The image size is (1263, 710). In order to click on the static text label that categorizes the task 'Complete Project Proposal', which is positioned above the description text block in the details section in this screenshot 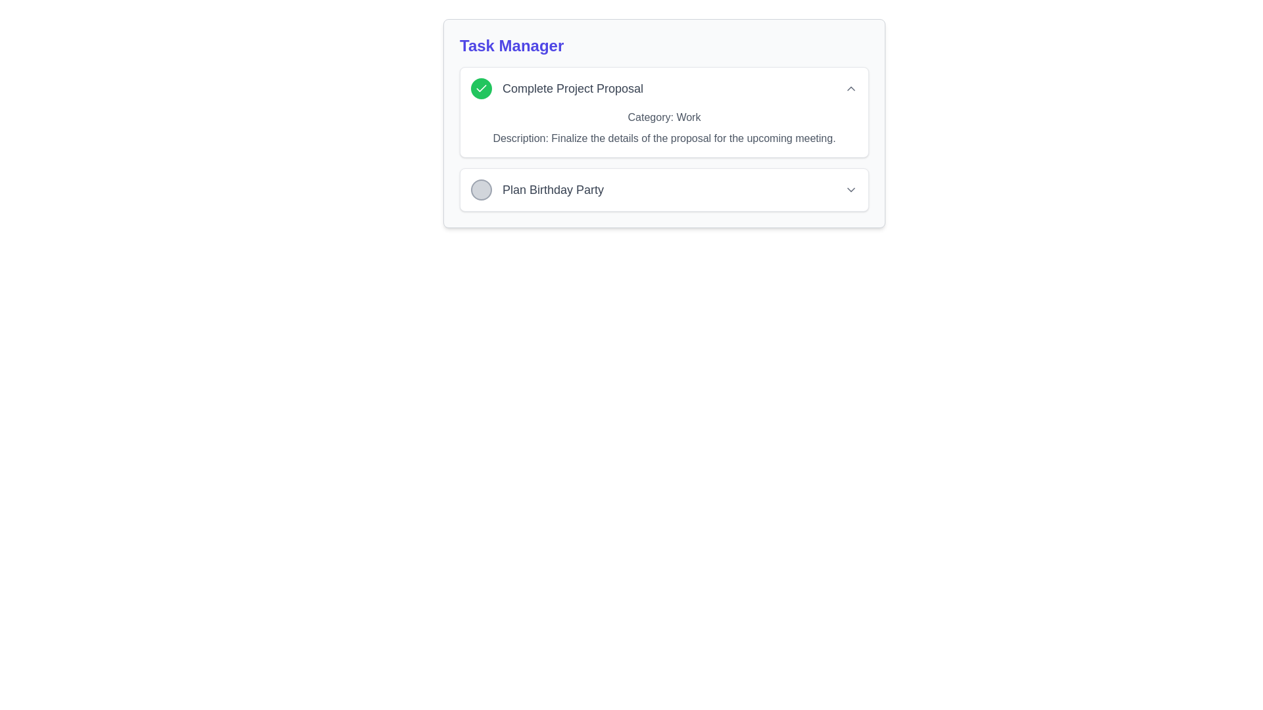, I will do `click(664, 116)`.